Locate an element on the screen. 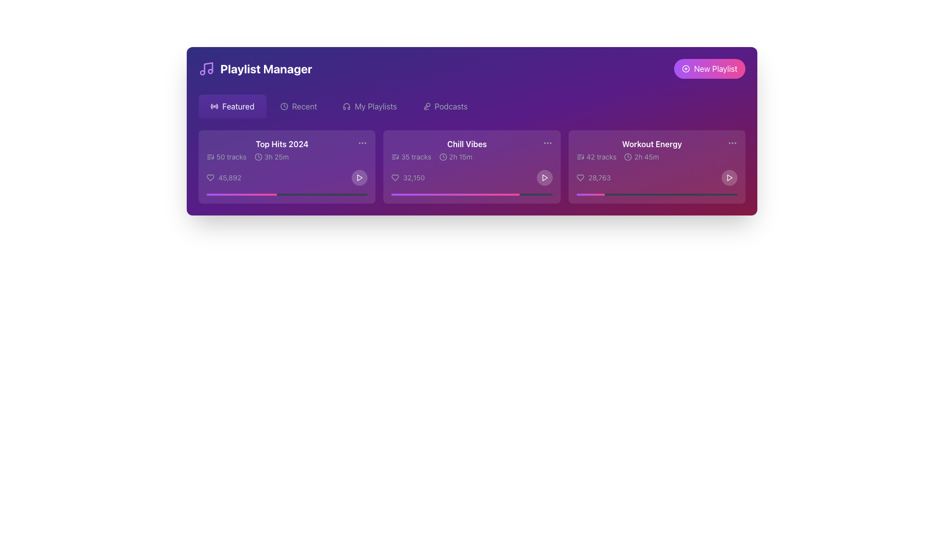 This screenshot has height=535, width=951. the circular button with a white play icon inside, located within the 'Top Hits 2024' playlist card on the right side is located at coordinates (359, 177).